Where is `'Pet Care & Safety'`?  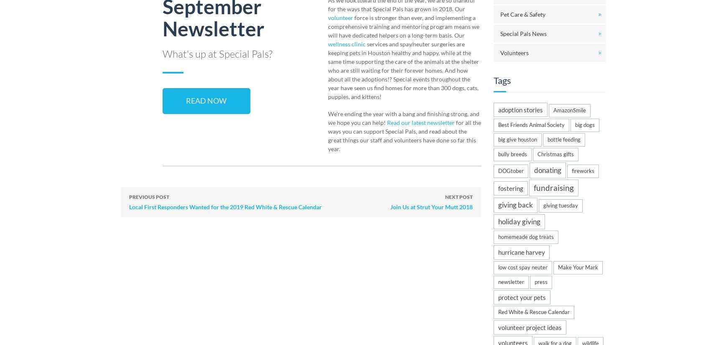
'Pet Care & Safety' is located at coordinates (522, 13).